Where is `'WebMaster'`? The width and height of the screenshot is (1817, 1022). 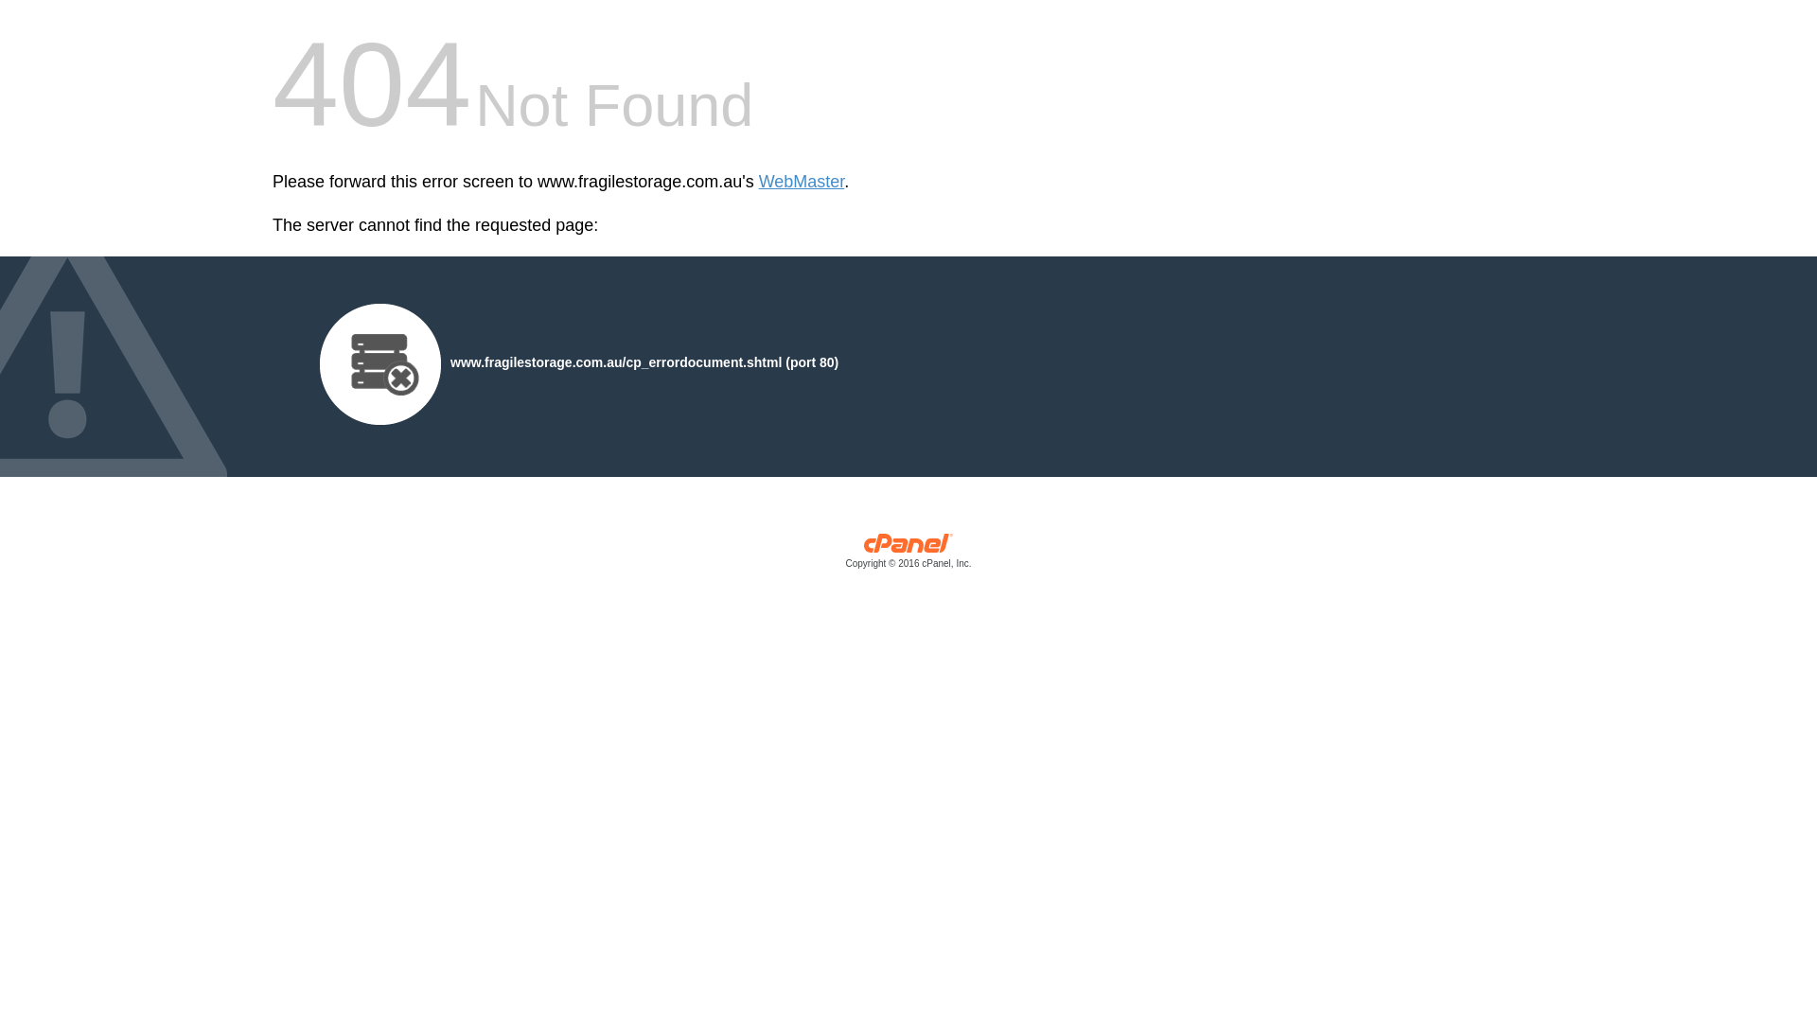
'WebMaster' is located at coordinates (802, 182).